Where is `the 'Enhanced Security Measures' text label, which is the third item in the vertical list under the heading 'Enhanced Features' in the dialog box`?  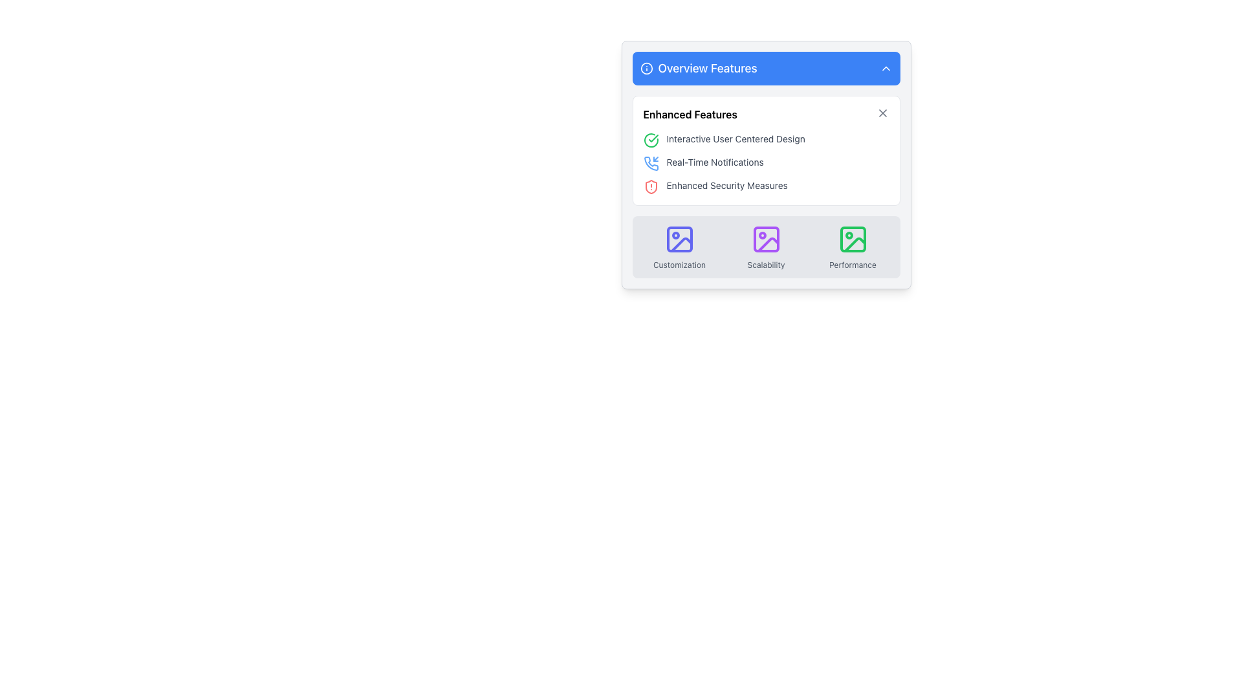 the 'Enhanced Security Measures' text label, which is the third item in the vertical list under the heading 'Enhanced Features' in the dialog box is located at coordinates (727, 185).